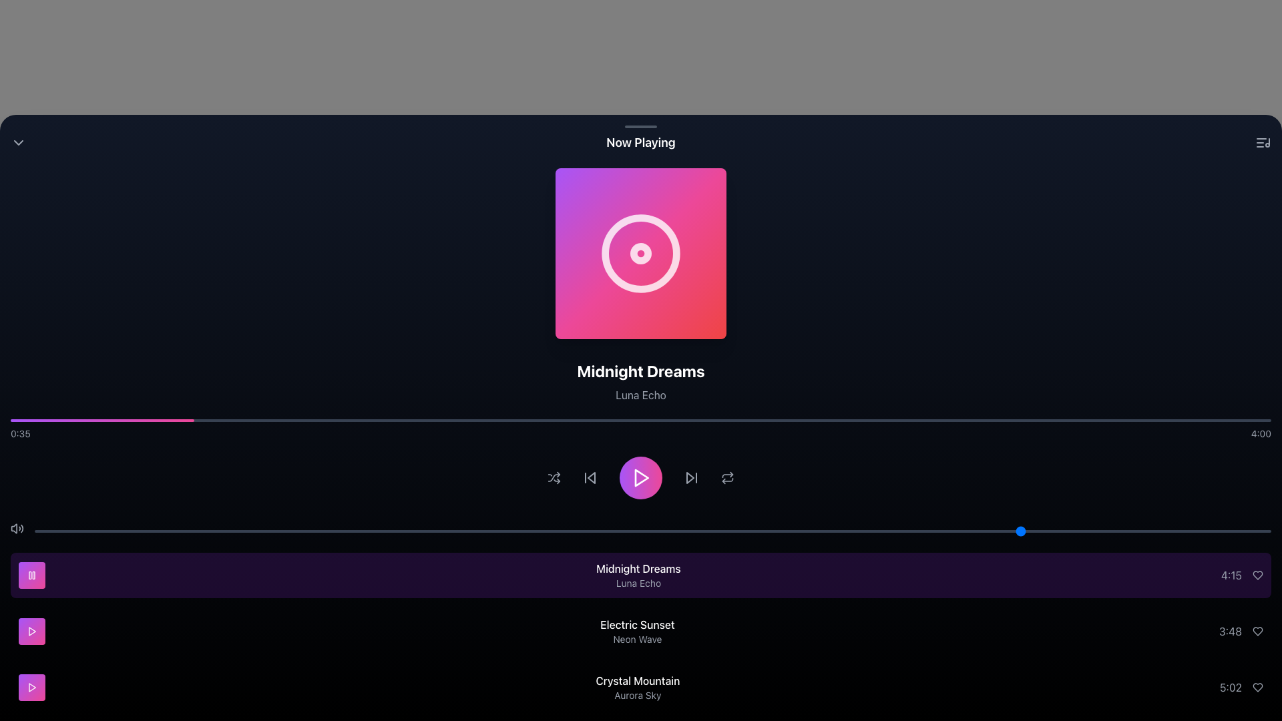  Describe the element at coordinates (32, 687) in the screenshot. I see `the play button located in the lower left corner of the interface, which is the third button in a vertical sequence and features a right-pointing triangle within a contrasting square` at that location.